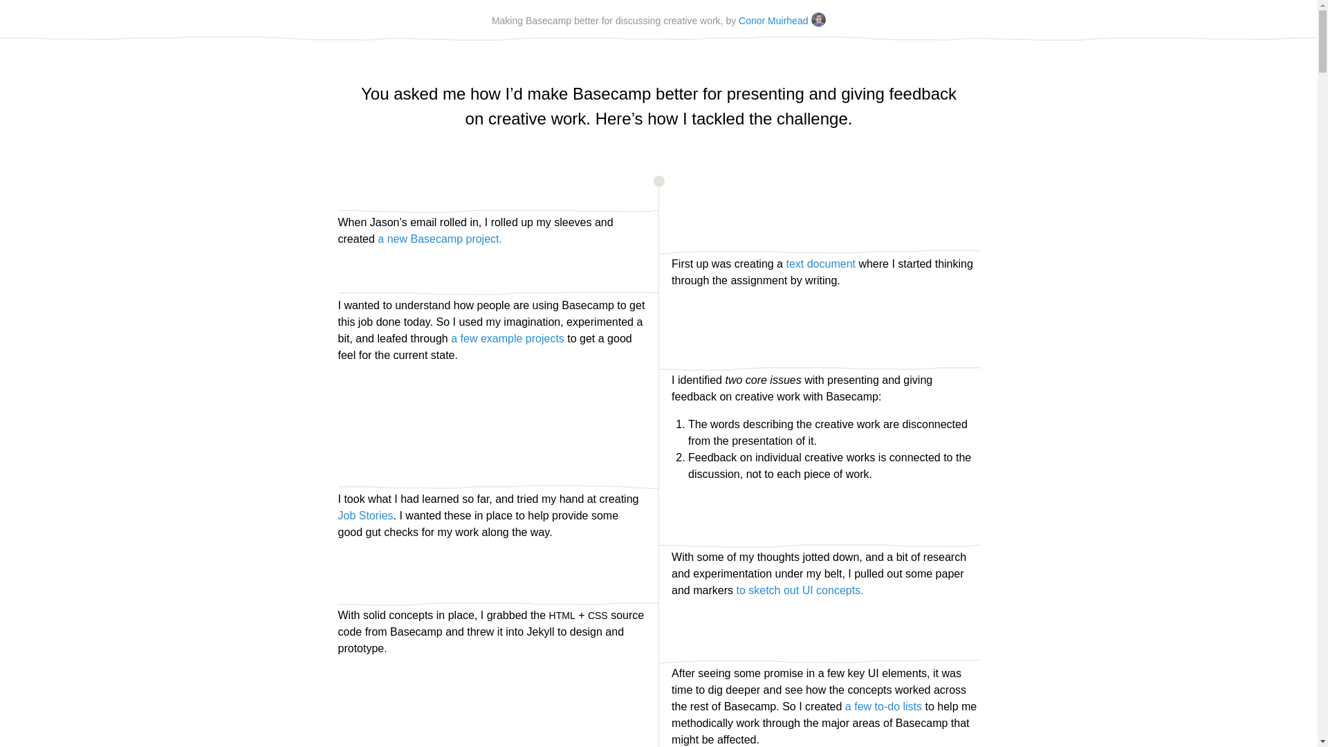 This screenshot has height=747, width=1328. I want to click on 'out', so click(791, 590).